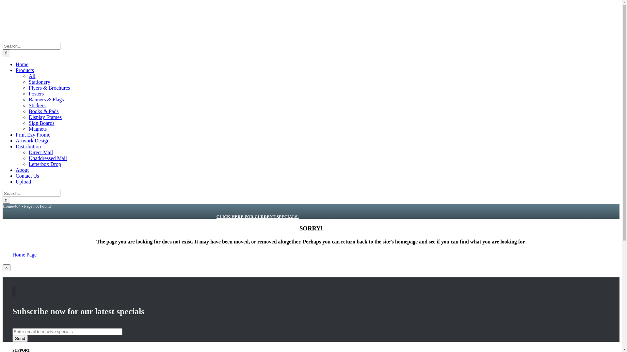 Image resolution: width=627 pixels, height=352 pixels. What do you see at coordinates (25, 70) in the screenshot?
I see `'Products'` at bounding box center [25, 70].